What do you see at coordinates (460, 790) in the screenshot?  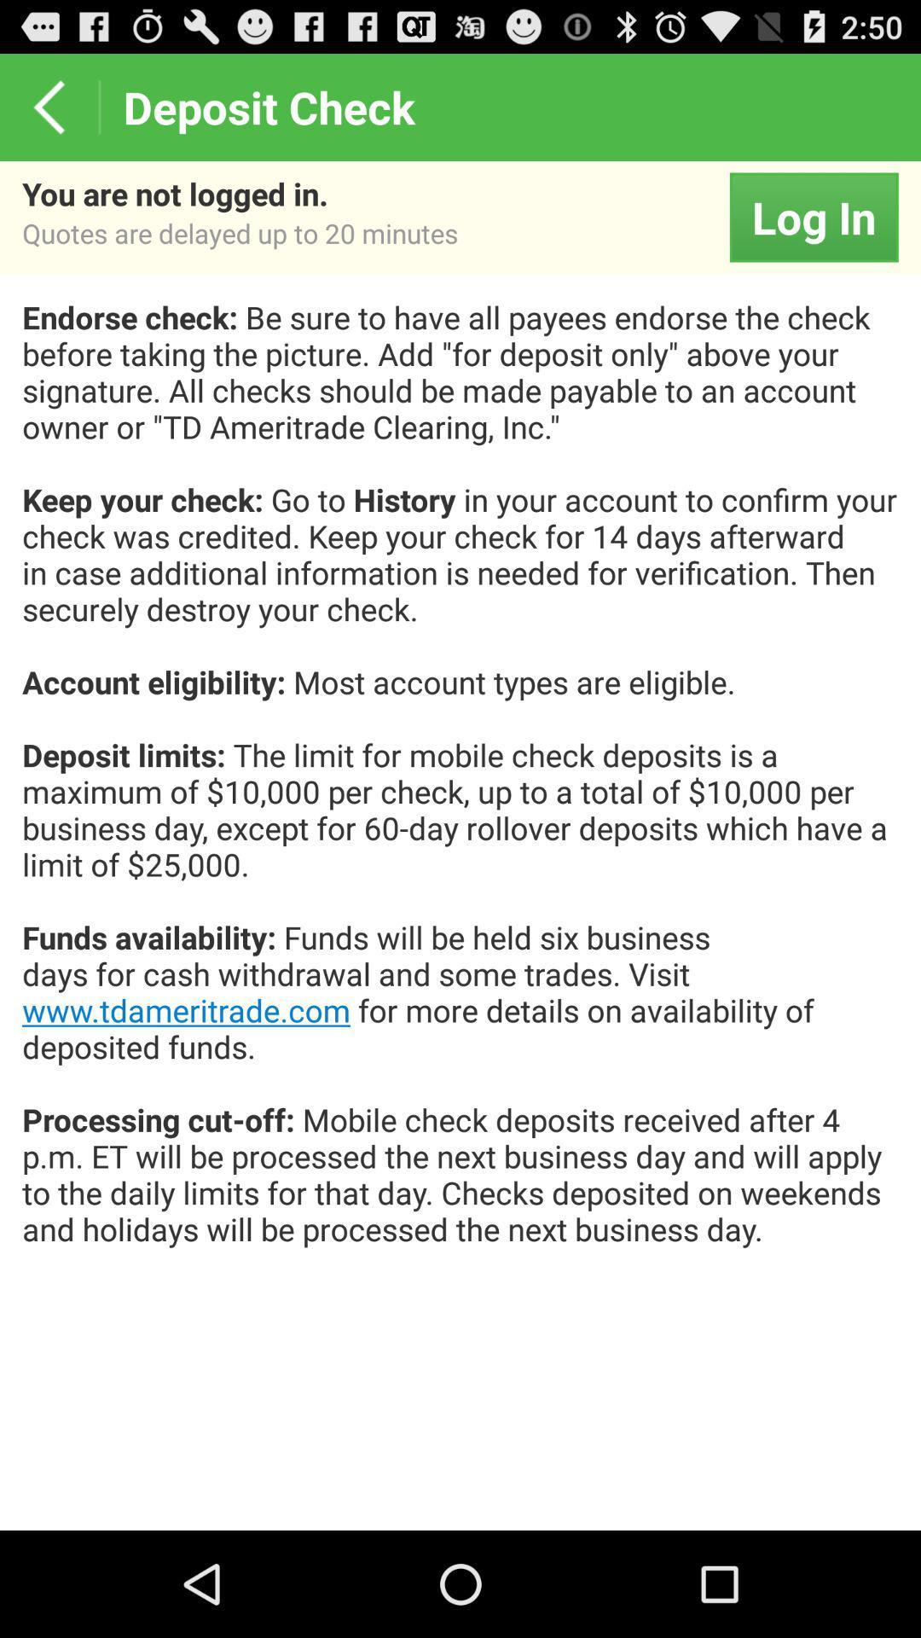 I see `the icon at the center` at bounding box center [460, 790].